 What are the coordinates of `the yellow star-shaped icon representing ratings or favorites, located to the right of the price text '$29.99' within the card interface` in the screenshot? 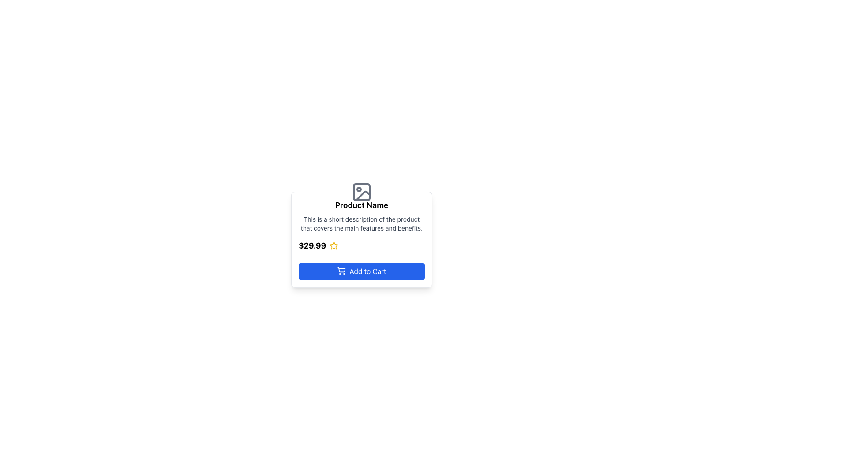 It's located at (334, 246).